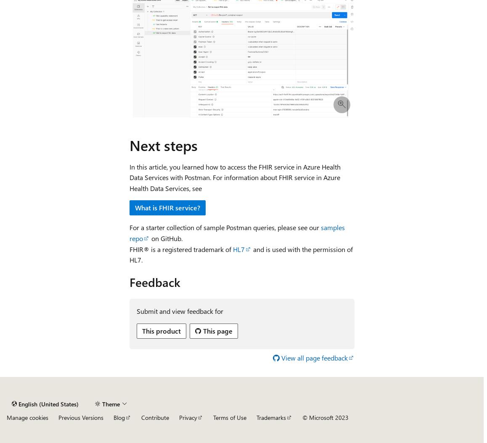 This screenshot has width=487, height=443. Describe the element at coordinates (314, 357) in the screenshot. I see `'View all page feedback'` at that location.